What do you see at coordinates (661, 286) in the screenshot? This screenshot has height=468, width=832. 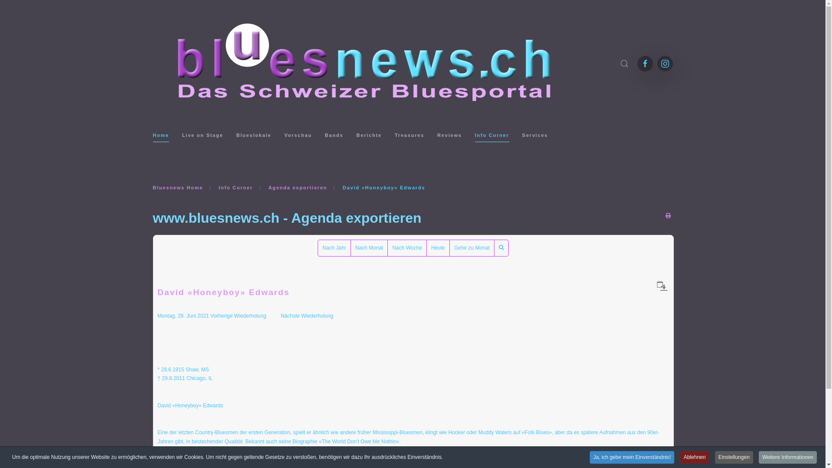 I see `'Als iCal-Datei herunterladen'` at bounding box center [661, 286].